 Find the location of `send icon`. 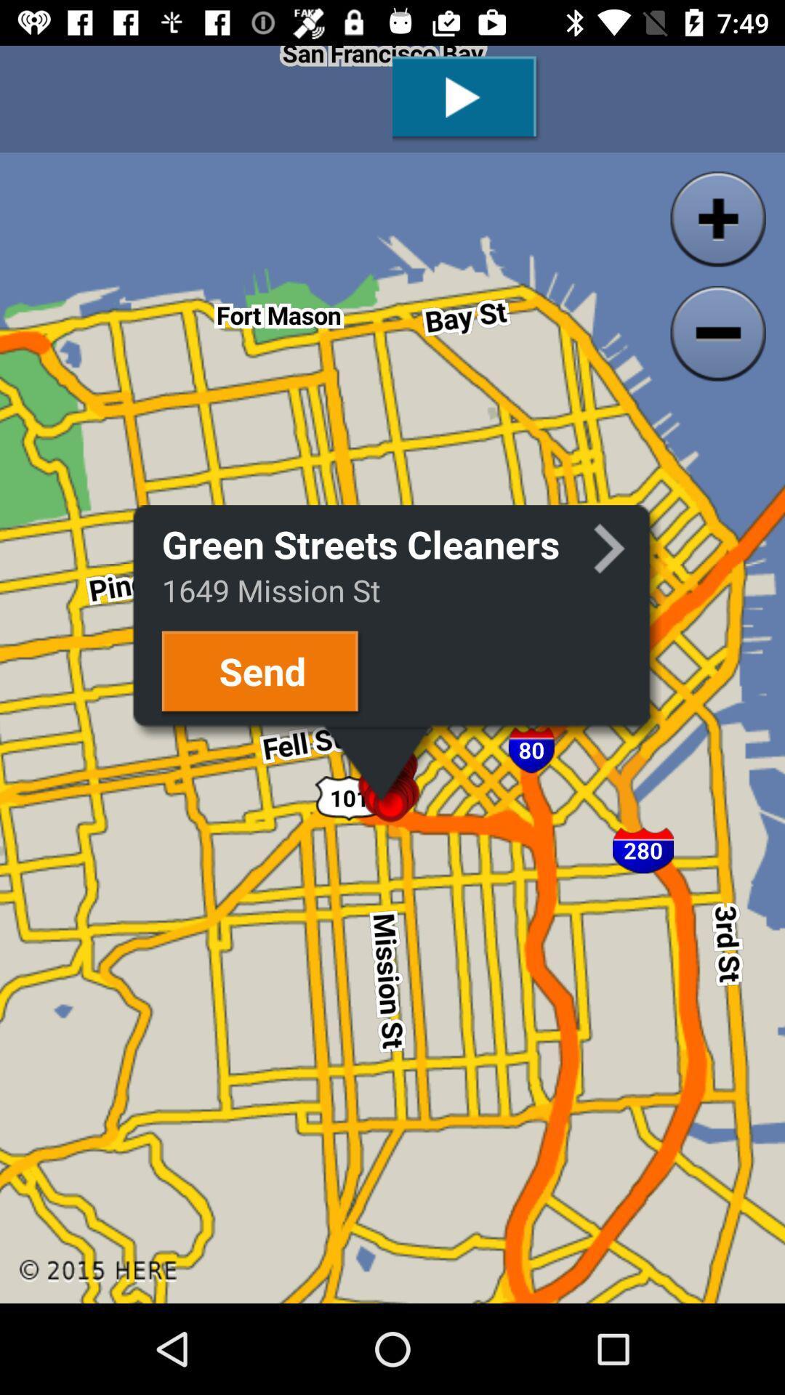

send icon is located at coordinates (262, 673).